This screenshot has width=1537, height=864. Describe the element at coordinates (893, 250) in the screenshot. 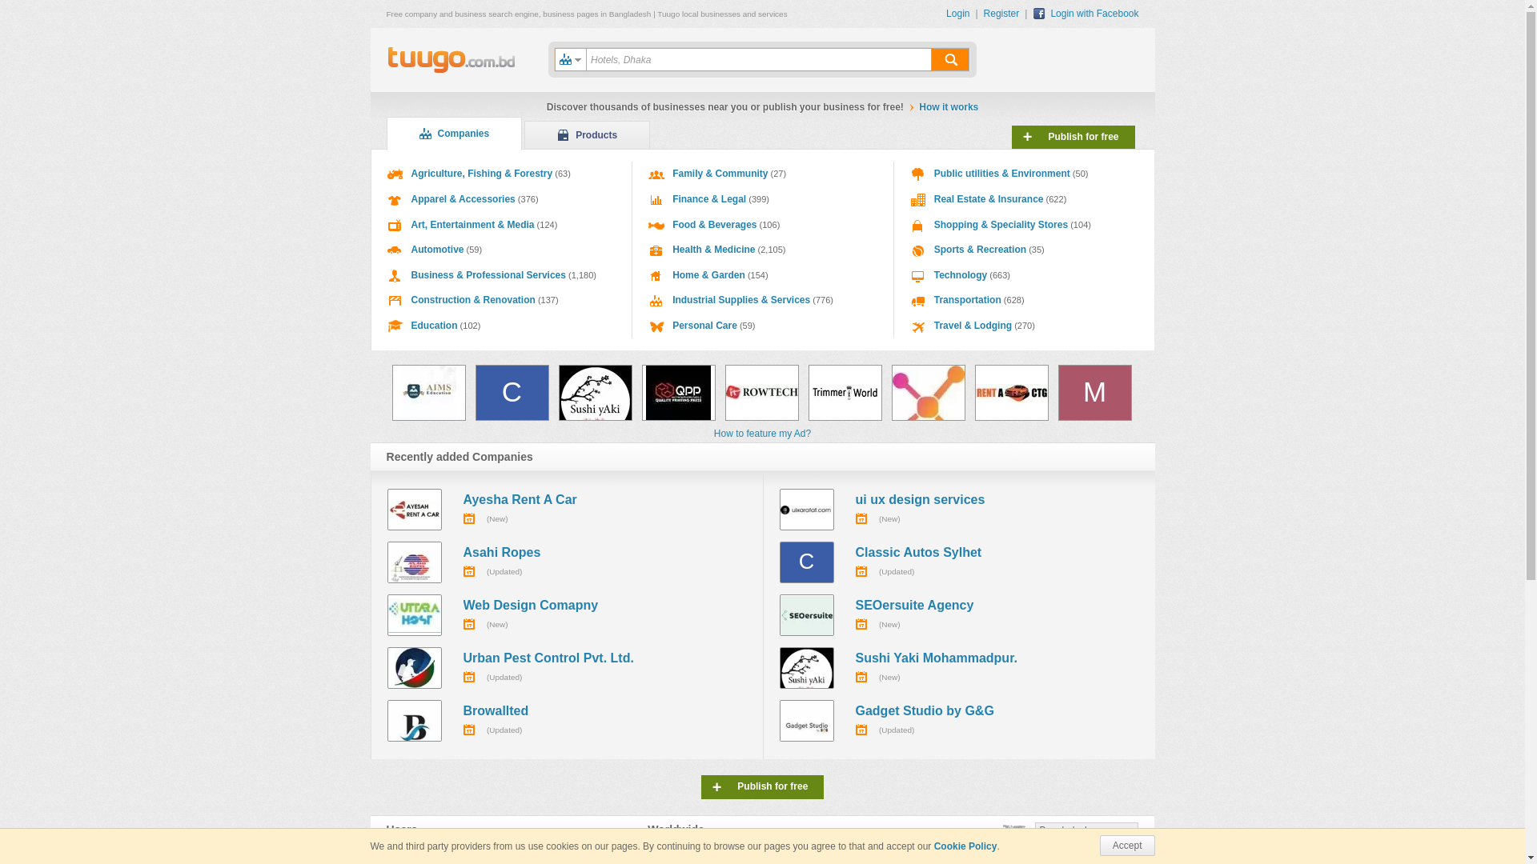

I see `' Sports & Recreation (35)'` at that location.